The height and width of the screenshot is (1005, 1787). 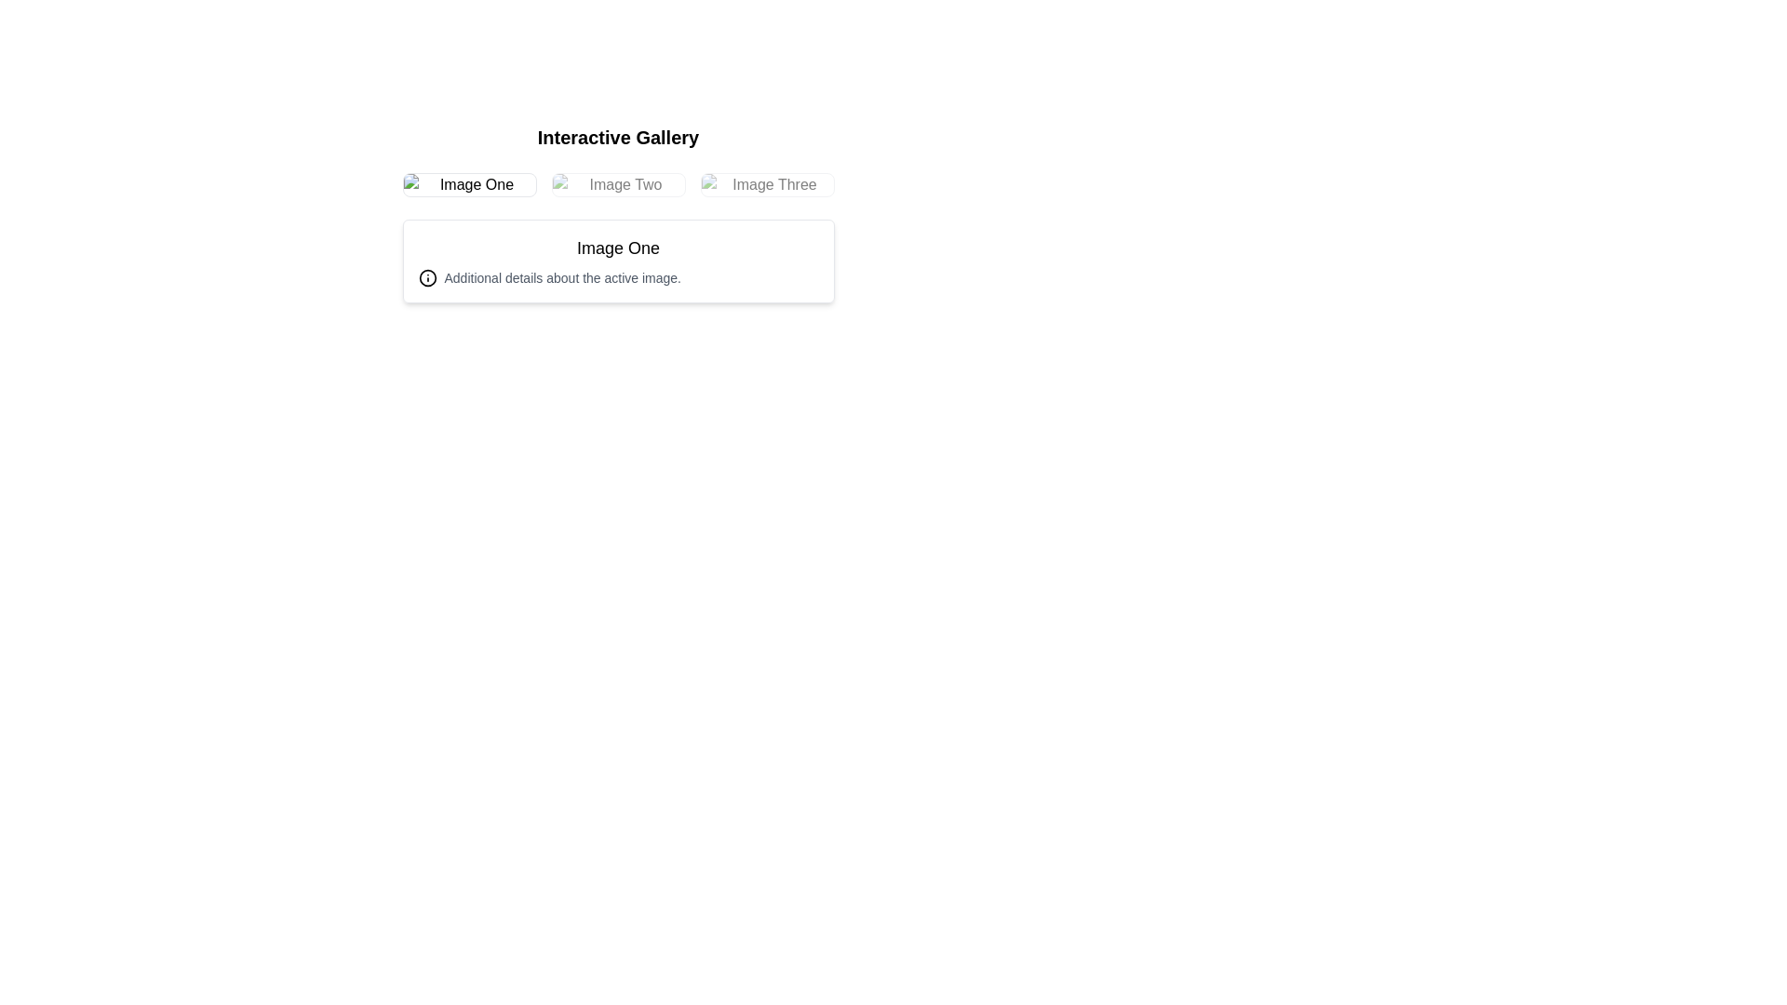 I want to click on text inside the description panel card located below the row of image previews in the interactive gallery, so click(x=618, y=261).